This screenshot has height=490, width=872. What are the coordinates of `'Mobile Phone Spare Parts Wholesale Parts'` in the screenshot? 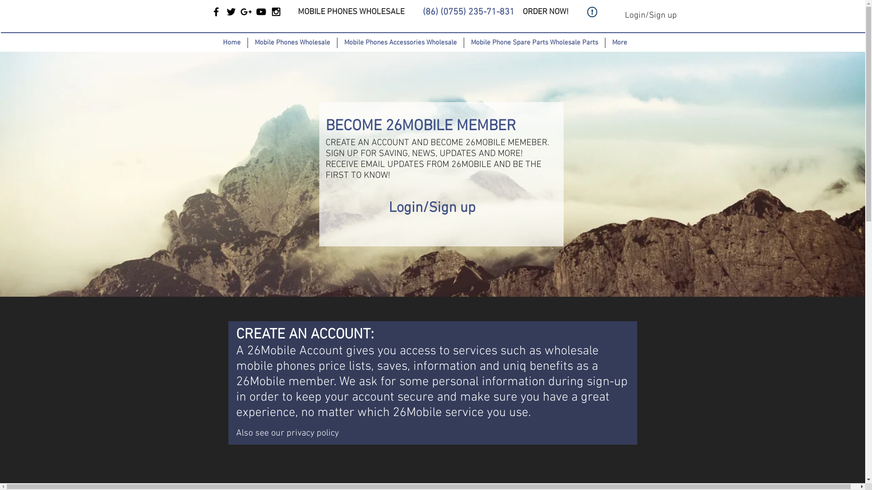 It's located at (534, 43).